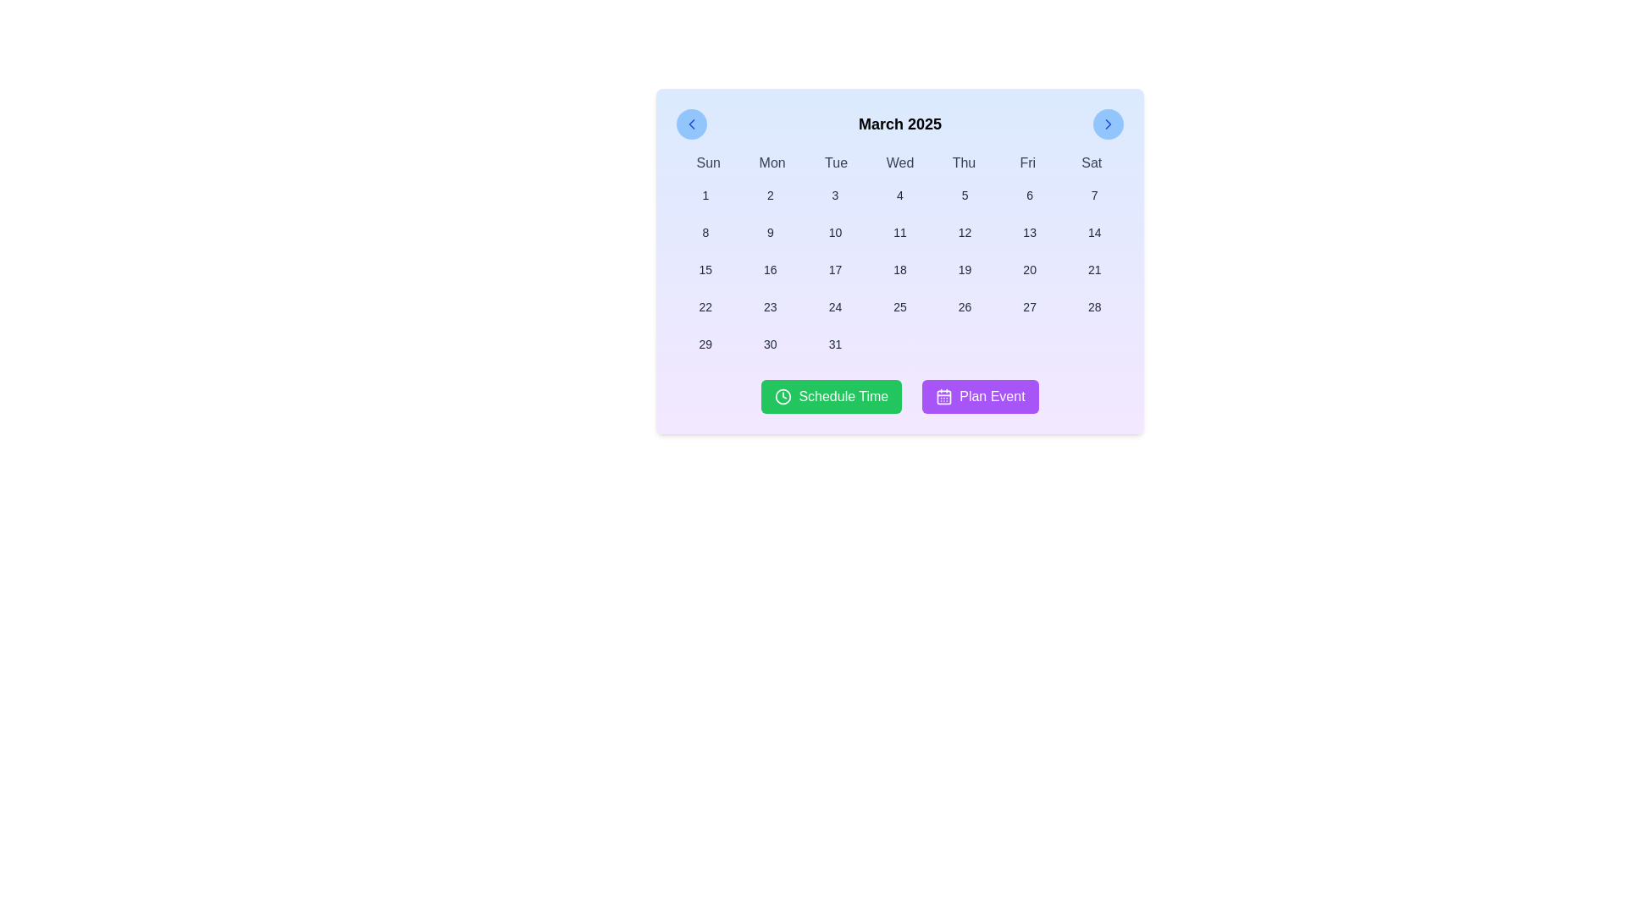  Describe the element at coordinates (965, 269) in the screenshot. I see `the button representing the date 19th in the March 2025 calendar` at that location.